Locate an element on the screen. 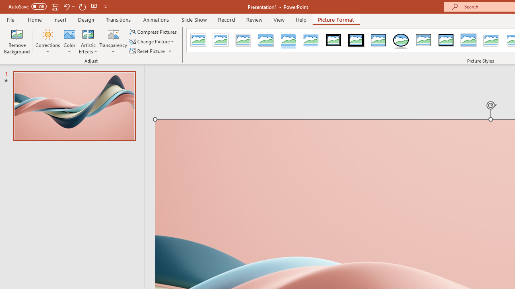 This screenshot has height=289, width=515. 'Transitions' is located at coordinates (118, 19).